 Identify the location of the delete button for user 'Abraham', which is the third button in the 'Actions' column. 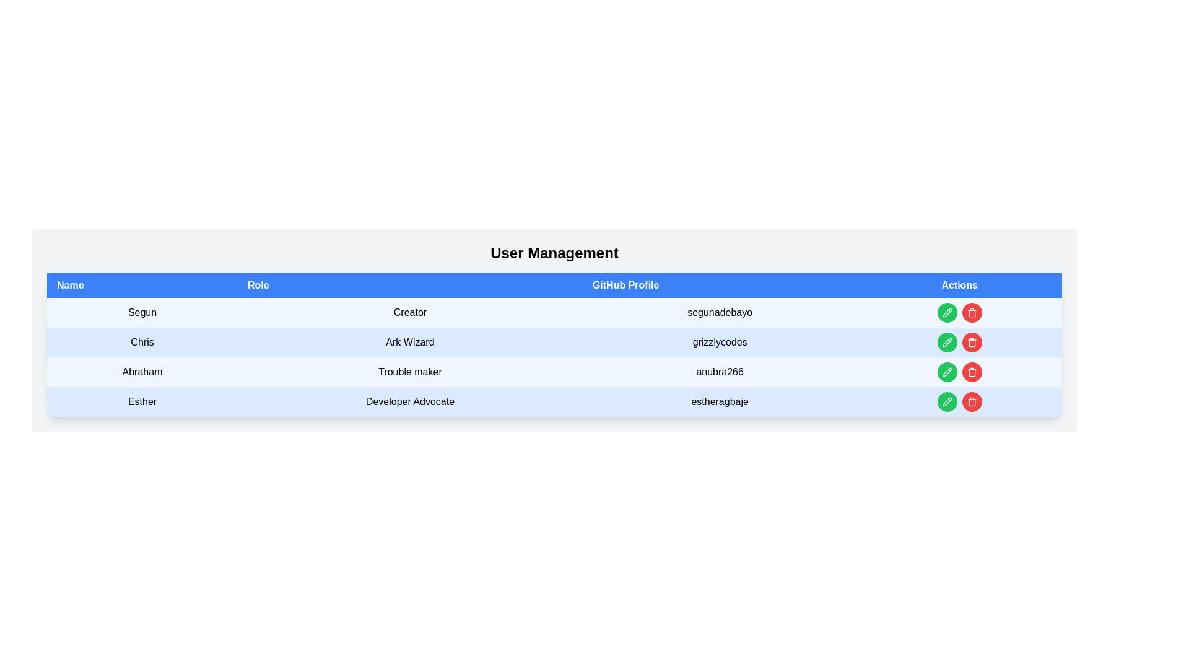
(971, 372).